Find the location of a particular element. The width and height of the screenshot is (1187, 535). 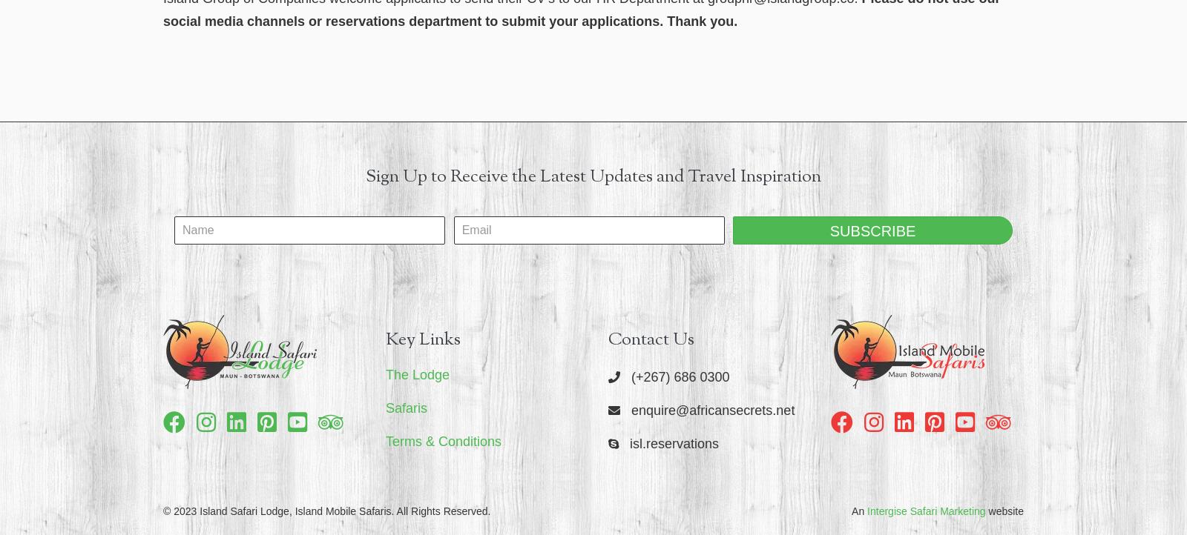

'© 2023 Island Safari Lodge, Island Mobile Safaris. All Rights Reserved.' is located at coordinates (326, 511).